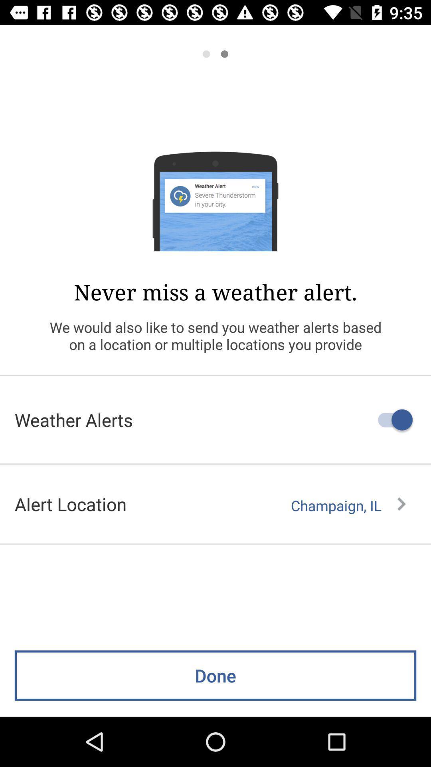 Image resolution: width=431 pixels, height=767 pixels. Describe the element at coordinates (348, 505) in the screenshot. I see `the champaign, il` at that location.